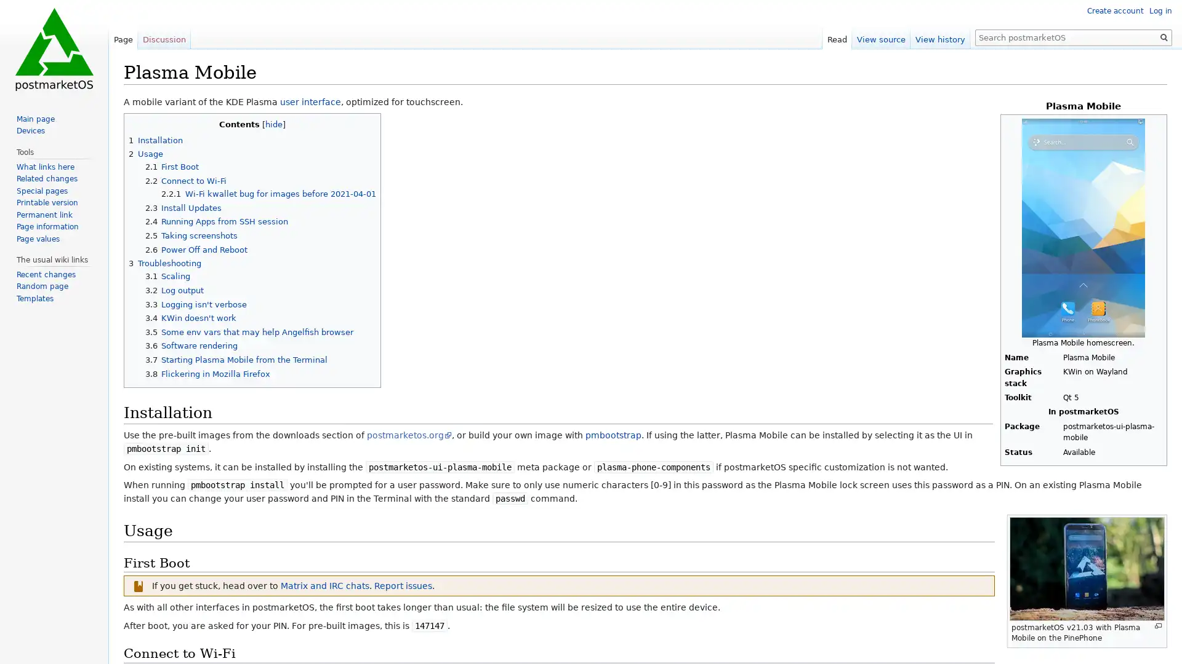  What do you see at coordinates (1164, 37) in the screenshot?
I see `Go` at bounding box center [1164, 37].